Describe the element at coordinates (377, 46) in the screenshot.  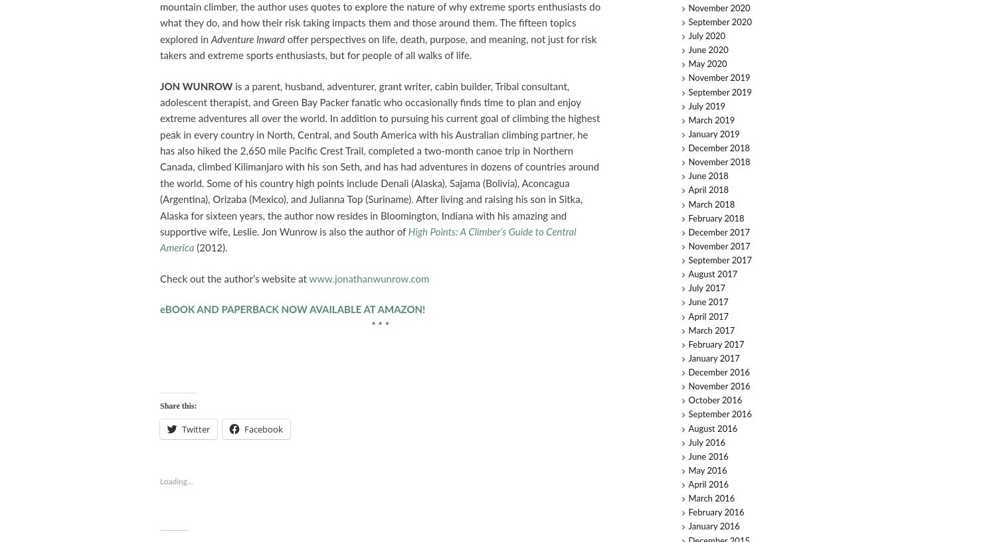
I see `'offer perspectives on life, death, purpose, and meaning, not just for risk takers and extreme sports enthusiasts, but for people of all walks of life.'` at that location.